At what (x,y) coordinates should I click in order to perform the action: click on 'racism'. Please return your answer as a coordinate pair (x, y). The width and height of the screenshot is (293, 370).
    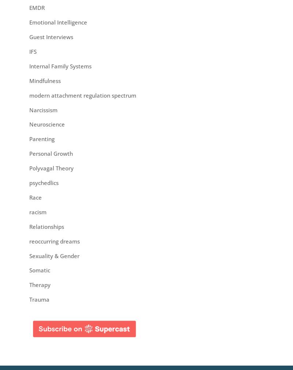
    Looking at the image, I should click on (37, 211).